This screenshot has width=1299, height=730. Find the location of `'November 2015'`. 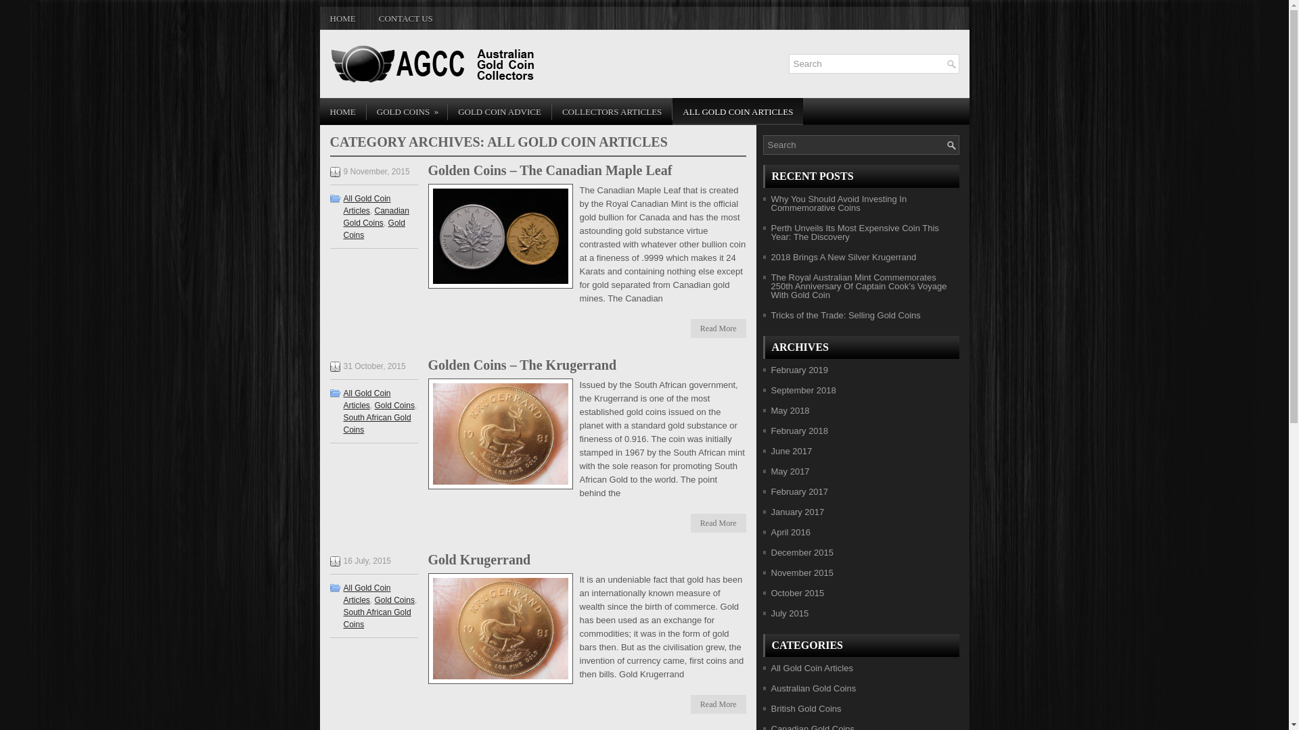

'November 2015' is located at coordinates (802, 573).